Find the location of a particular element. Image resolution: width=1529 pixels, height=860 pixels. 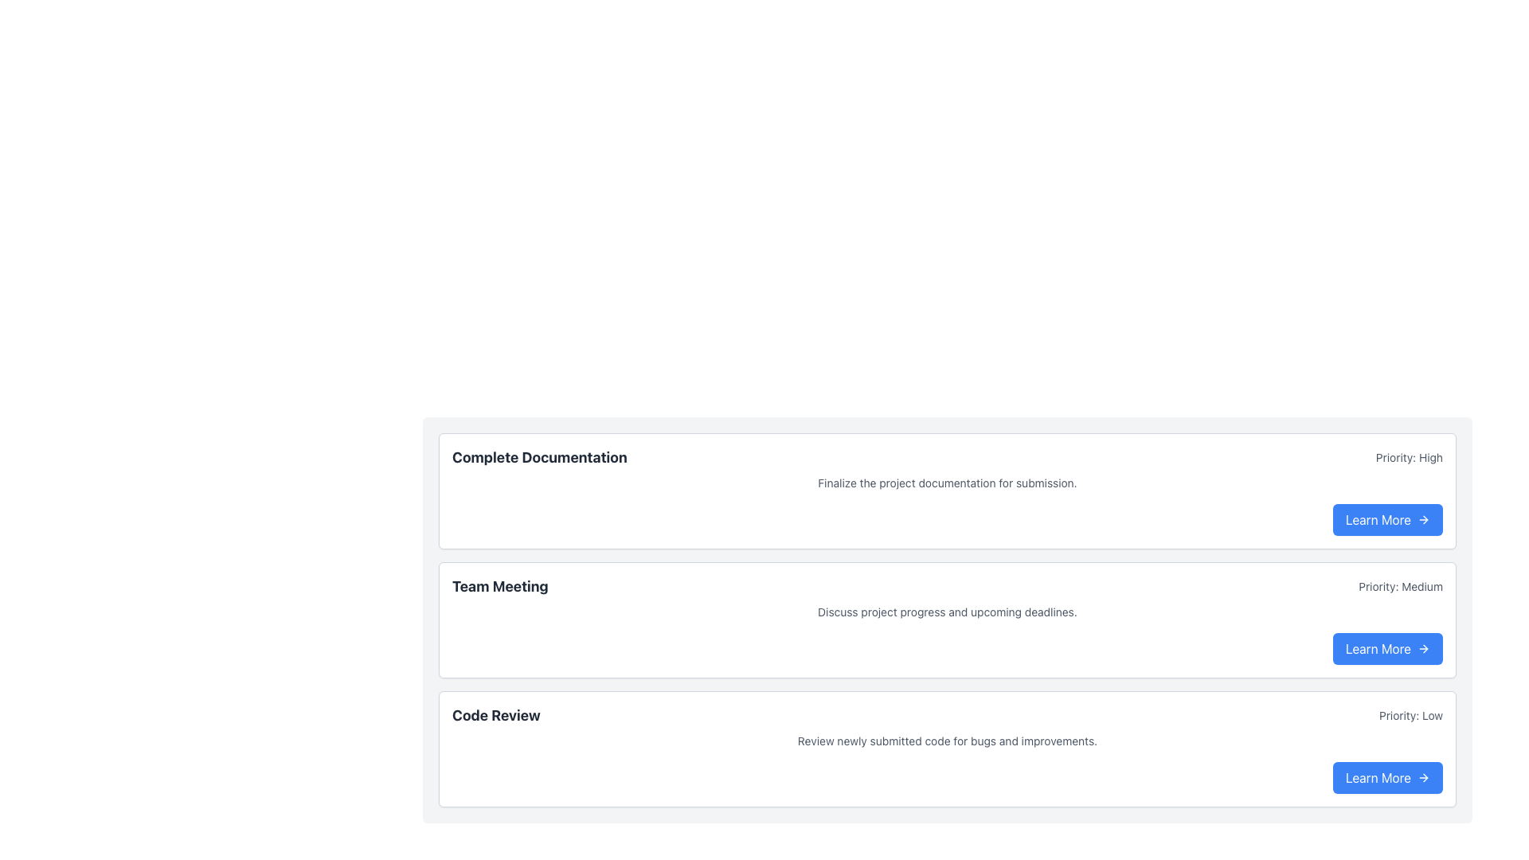

the 'Learn More' button with a blue background and white text located in the 'Team Meeting' section is located at coordinates (1386, 648).